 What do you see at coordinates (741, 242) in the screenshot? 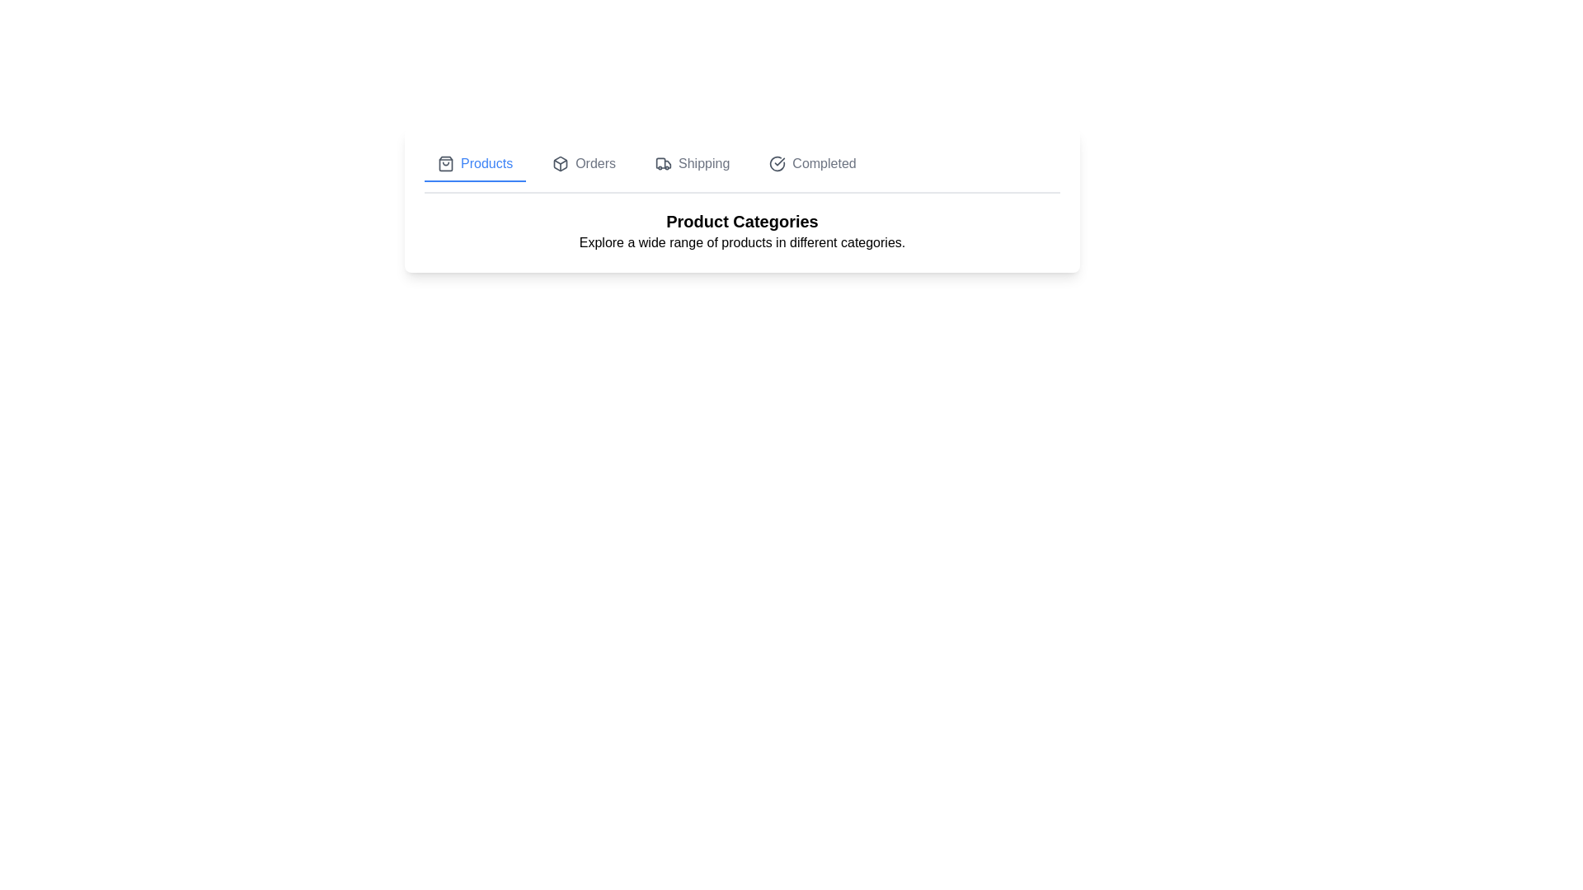
I see `the contextual information text located below the 'Product Categories' heading, which is the second element among its siblings` at bounding box center [741, 242].